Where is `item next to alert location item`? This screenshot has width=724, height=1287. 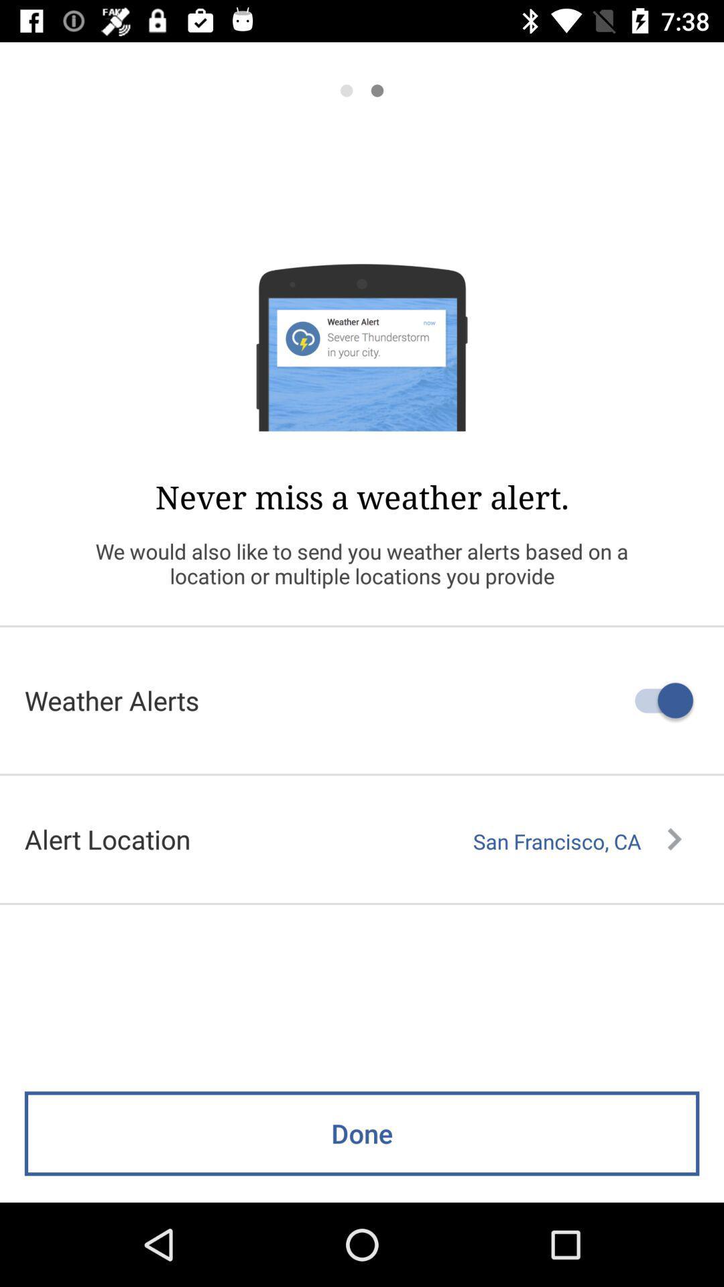 item next to alert location item is located at coordinates (577, 841).